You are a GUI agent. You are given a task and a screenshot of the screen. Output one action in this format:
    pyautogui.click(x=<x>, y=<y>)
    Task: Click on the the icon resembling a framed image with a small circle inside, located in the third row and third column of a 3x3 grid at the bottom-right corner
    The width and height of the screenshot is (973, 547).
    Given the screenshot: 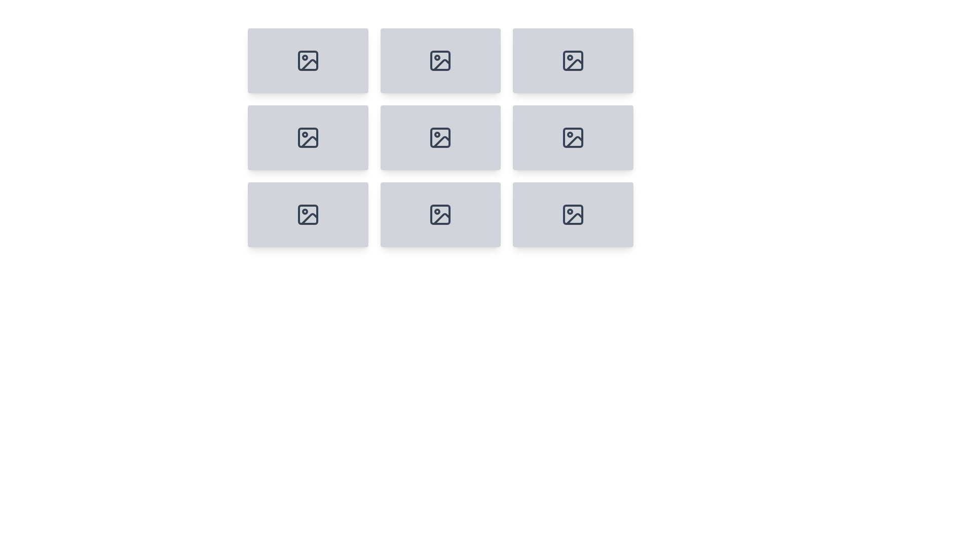 What is the action you would take?
    pyautogui.click(x=573, y=214)
    